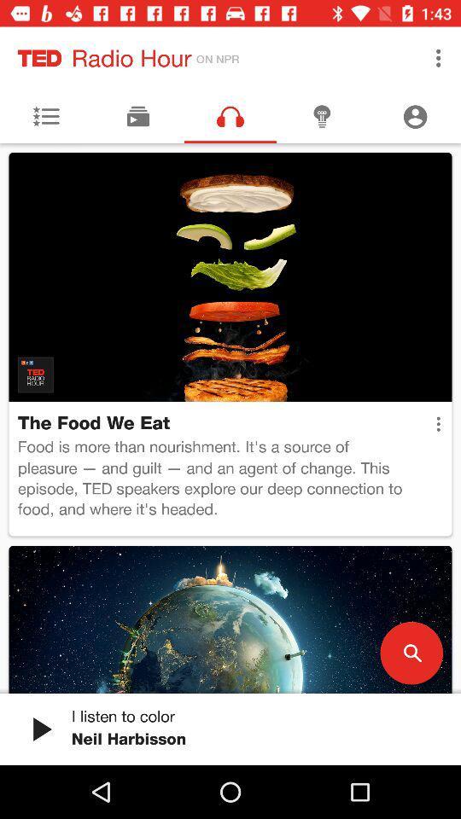 This screenshot has height=819, width=461. What do you see at coordinates (438, 58) in the screenshot?
I see `icon to the right of the on npr` at bounding box center [438, 58].